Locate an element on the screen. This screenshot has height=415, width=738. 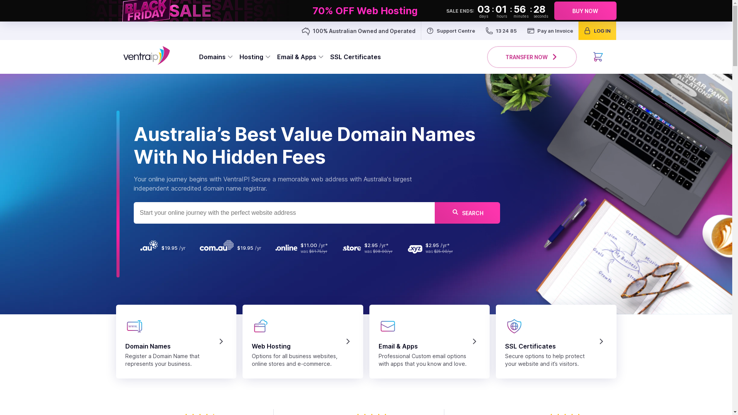
'BUY NOW' is located at coordinates (585, 10).